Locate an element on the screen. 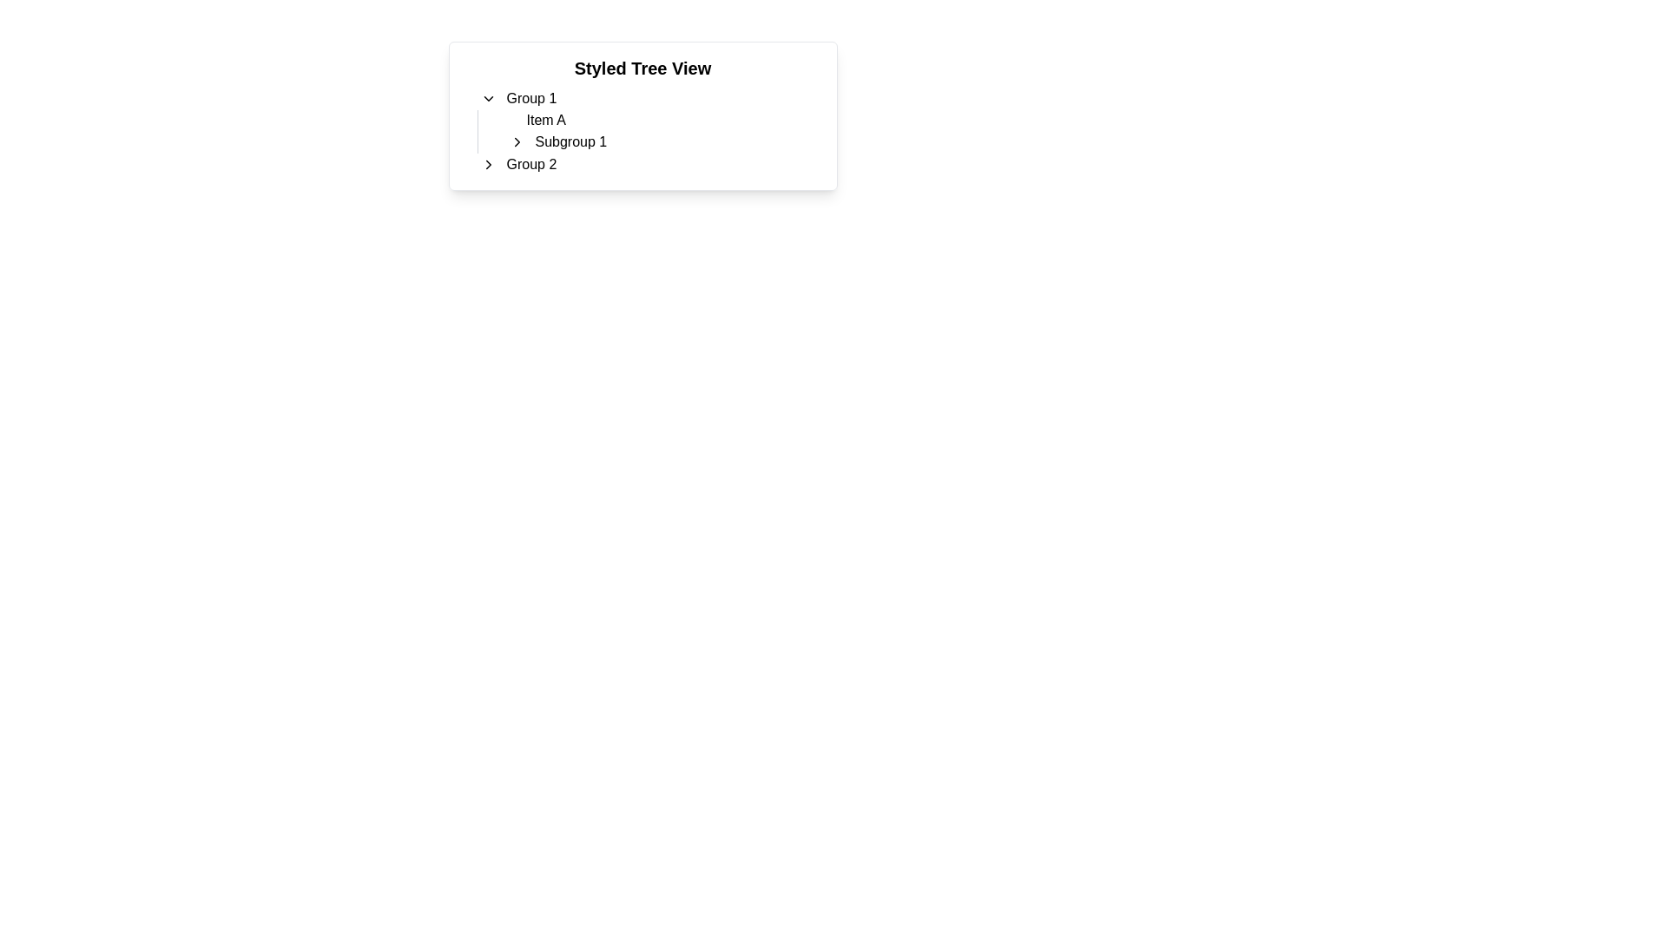  the navigational text link located under 'Group 1' and above 'Subgroup 1' in the tree structure is located at coordinates (544, 119).